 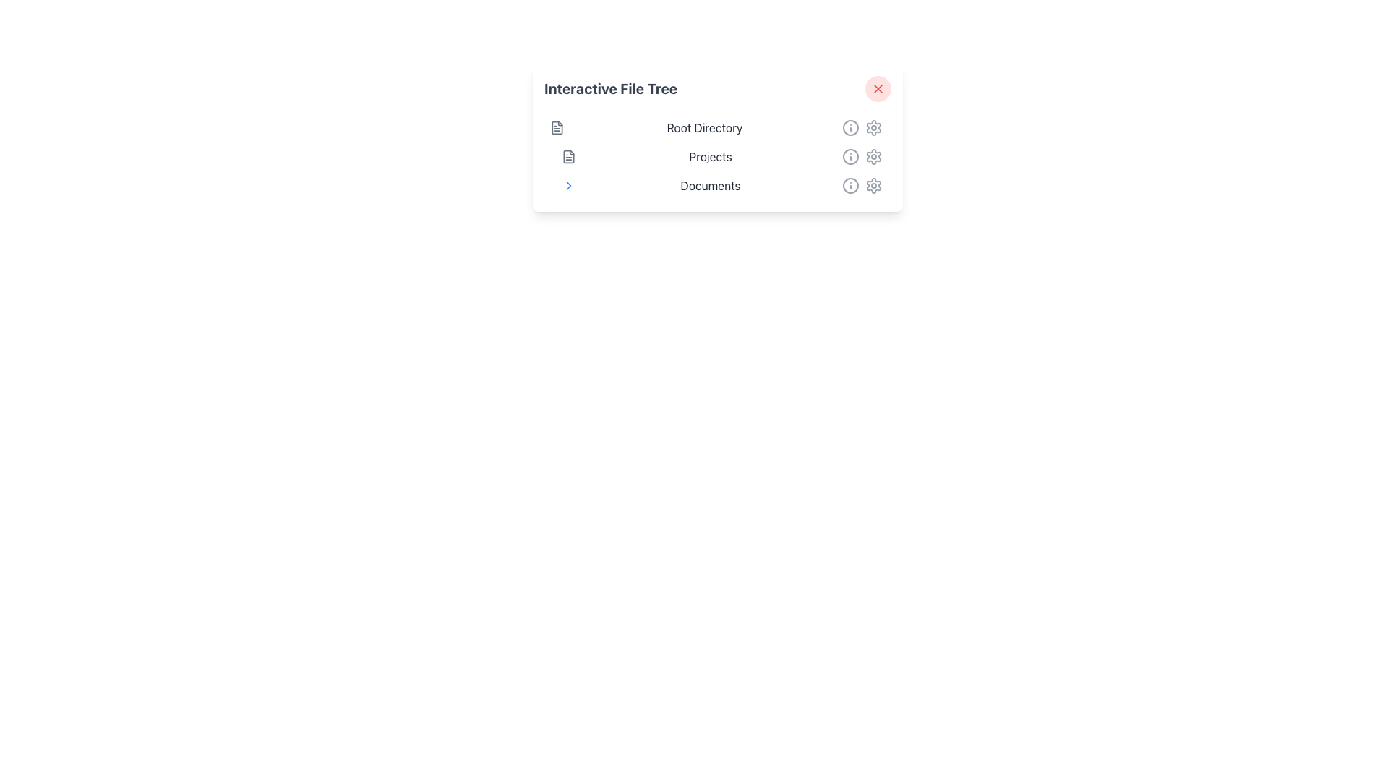 I want to click on the settings button located in the top-right corner of the UI card, adjacent to the circular icon, to change its appearance, so click(x=873, y=127).